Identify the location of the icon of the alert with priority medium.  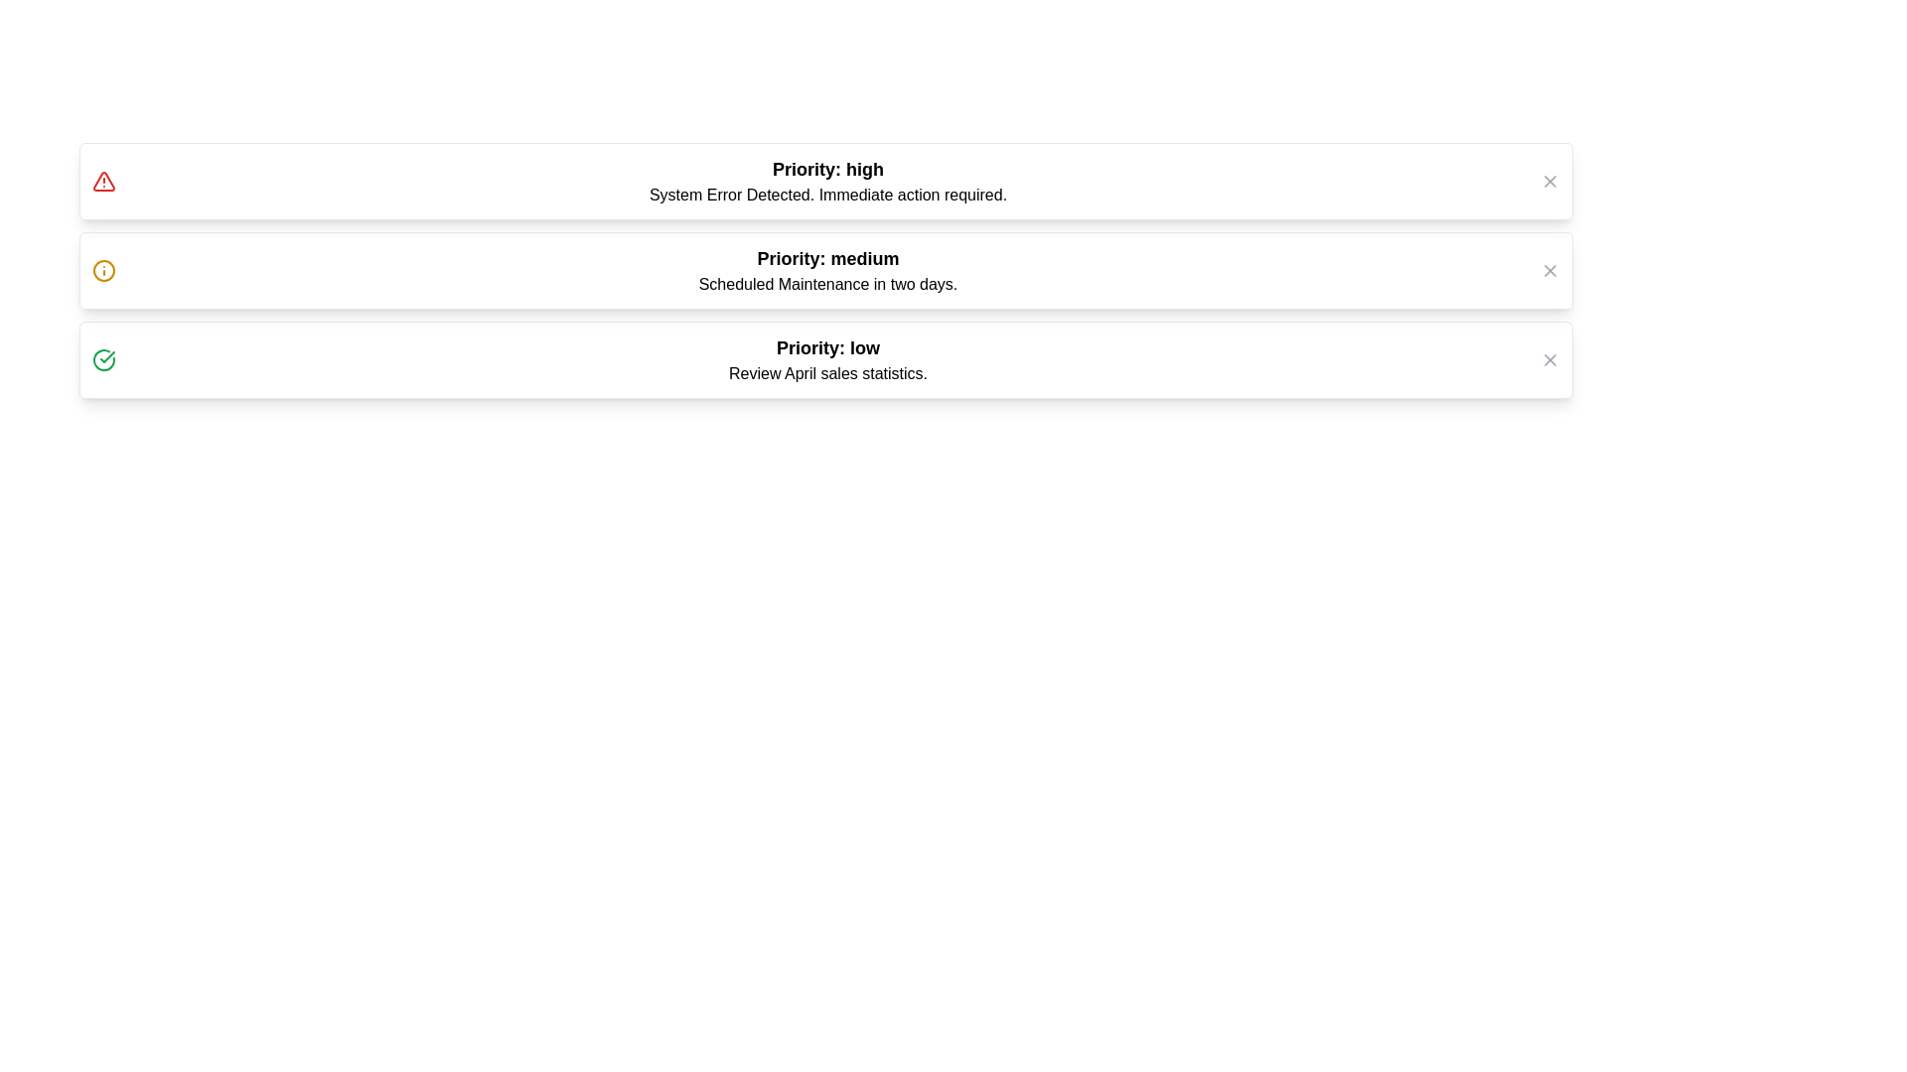
(103, 271).